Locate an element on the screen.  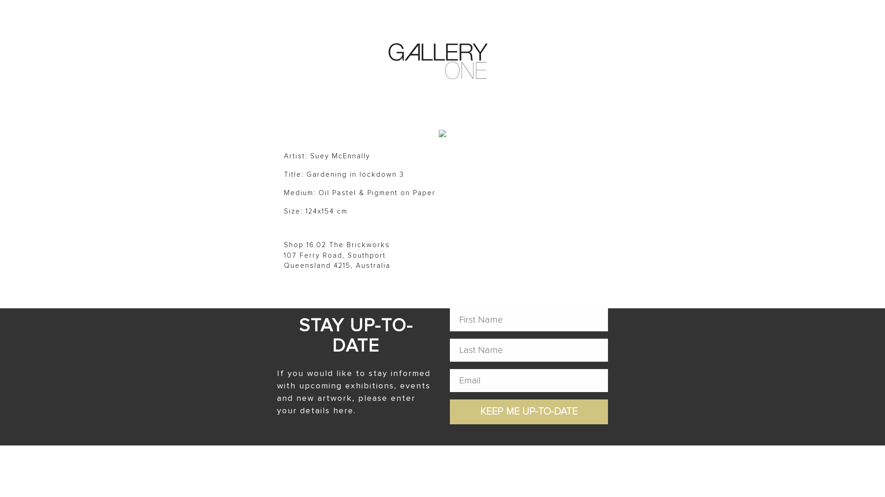
'Keep me up-to-date' is located at coordinates (529, 411).